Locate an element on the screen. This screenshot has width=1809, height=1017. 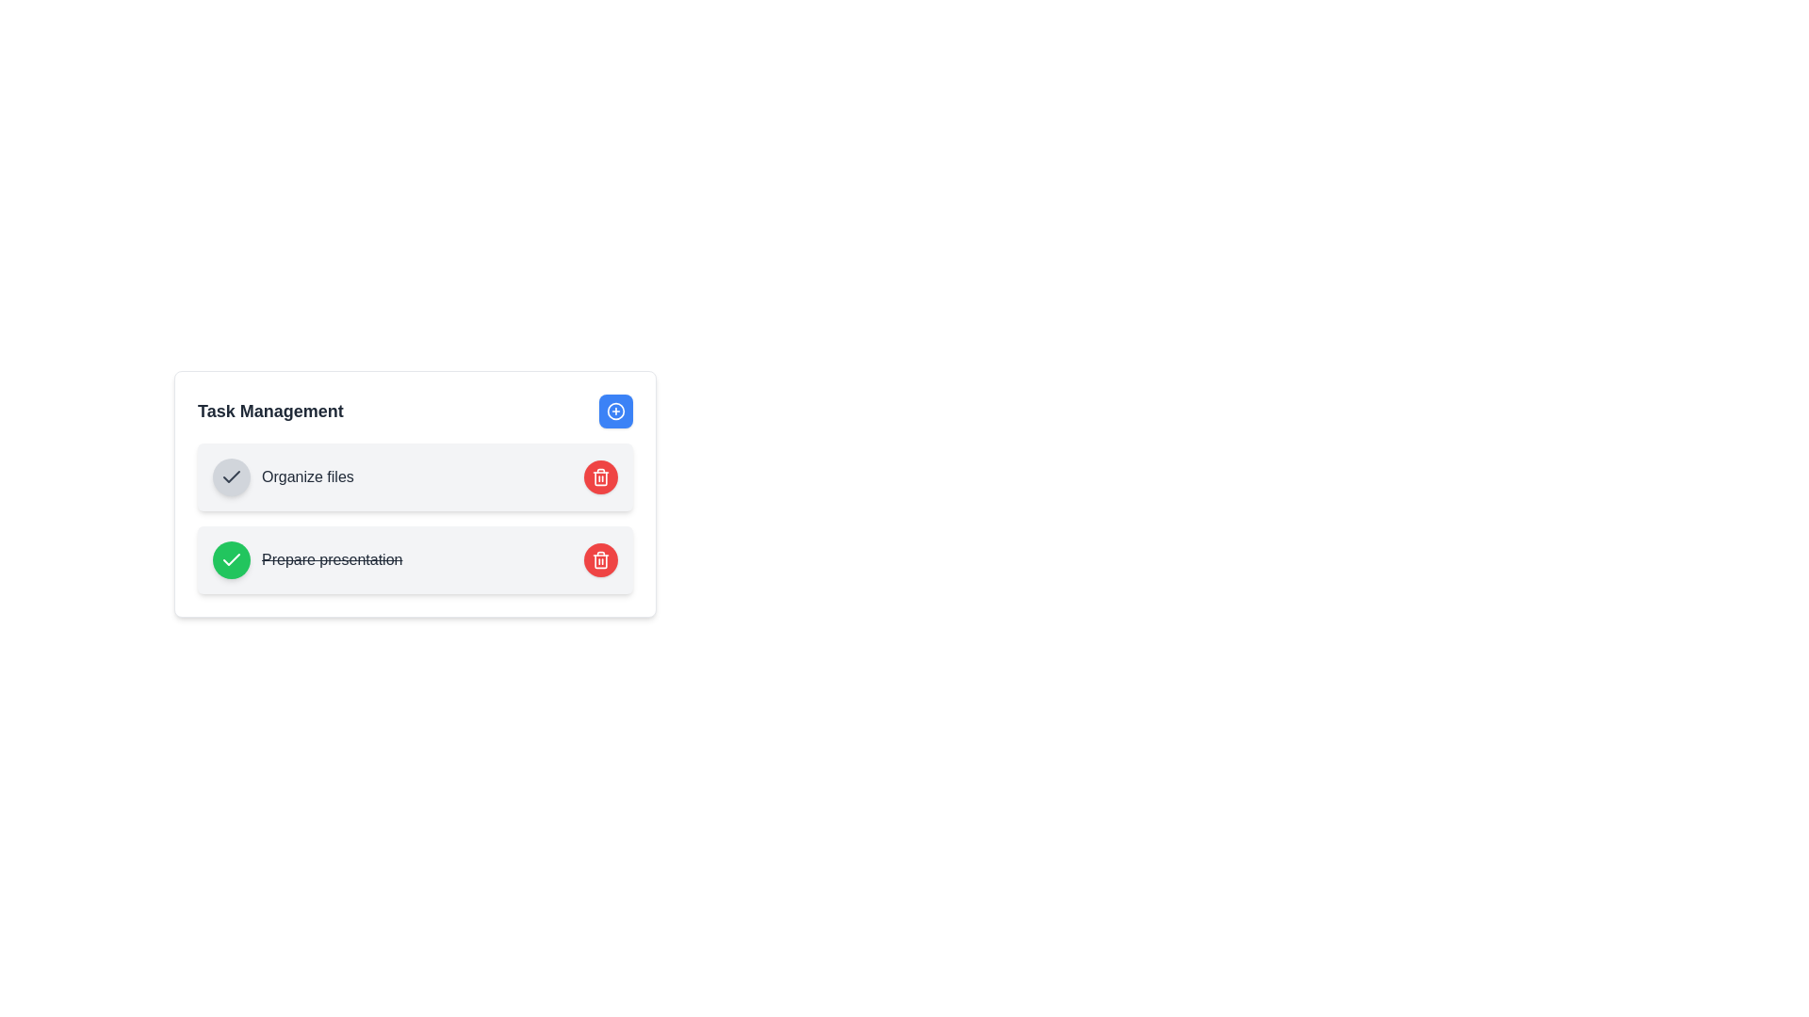
the text label displaying the title of a completed task located is located at coordinates (307, 558).